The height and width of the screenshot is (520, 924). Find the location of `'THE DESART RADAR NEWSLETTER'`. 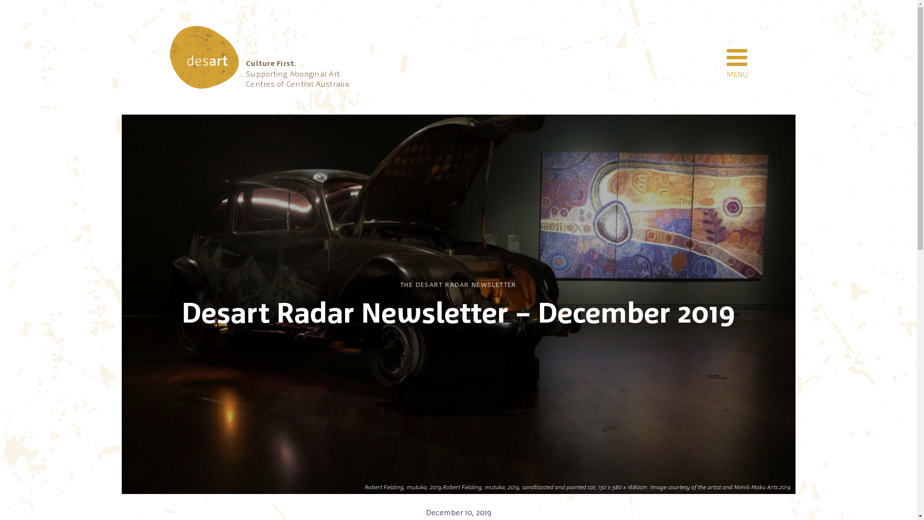

'THE DESART RADAR NEWSLETTER' is located at coordinates (458, 284).